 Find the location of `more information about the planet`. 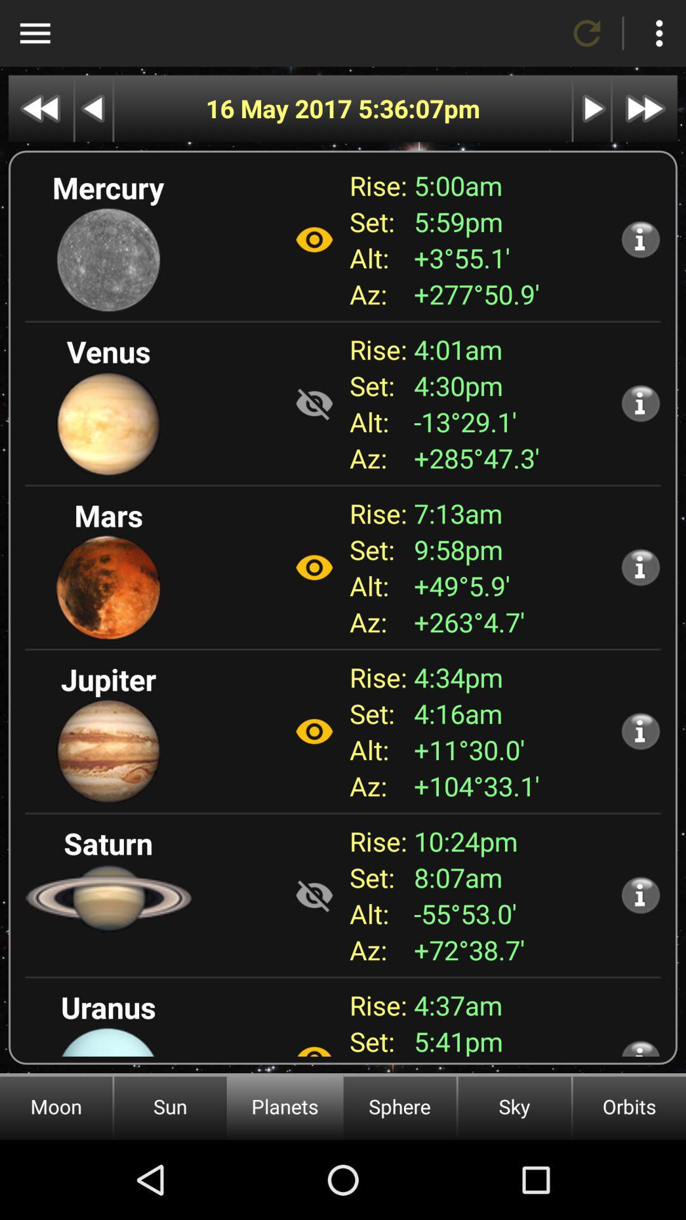

more information about the planet is located at coordinates (640, 731).